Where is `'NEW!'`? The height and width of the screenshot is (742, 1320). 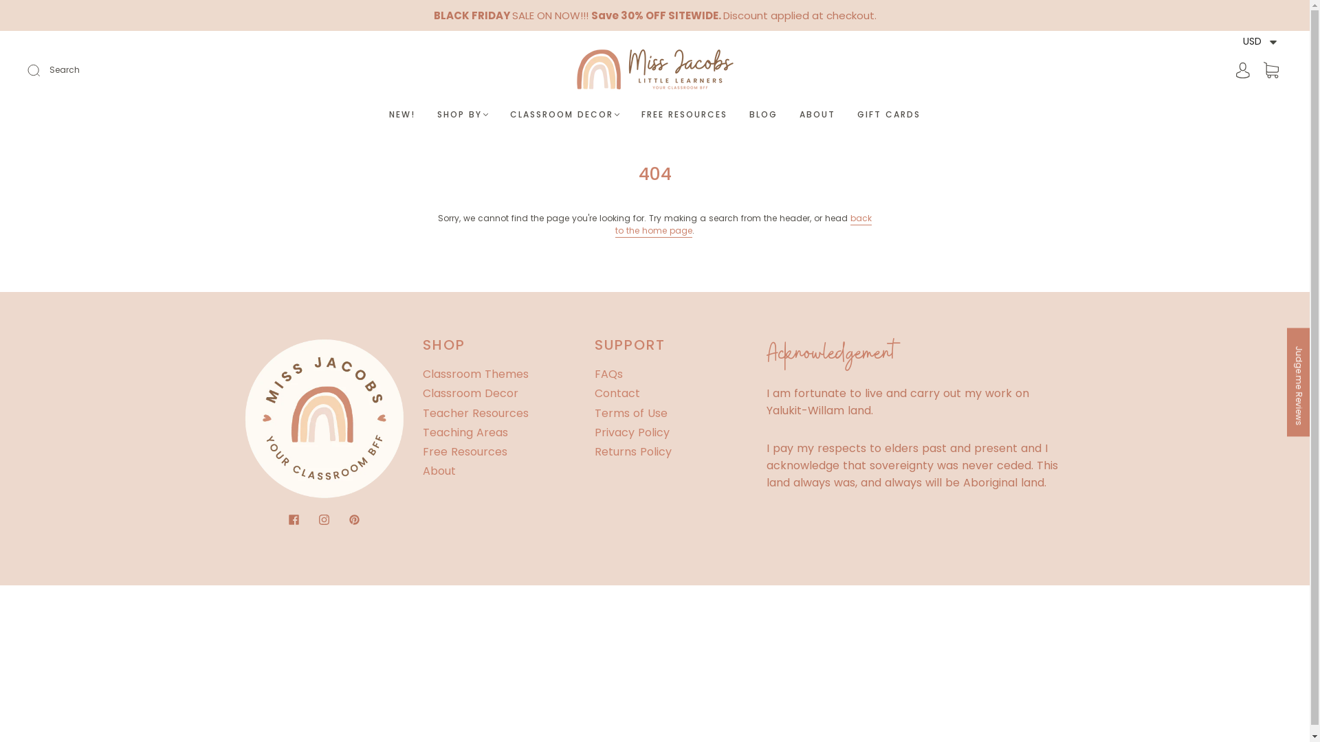
'NEW!' is located at coordinates (388, 113).